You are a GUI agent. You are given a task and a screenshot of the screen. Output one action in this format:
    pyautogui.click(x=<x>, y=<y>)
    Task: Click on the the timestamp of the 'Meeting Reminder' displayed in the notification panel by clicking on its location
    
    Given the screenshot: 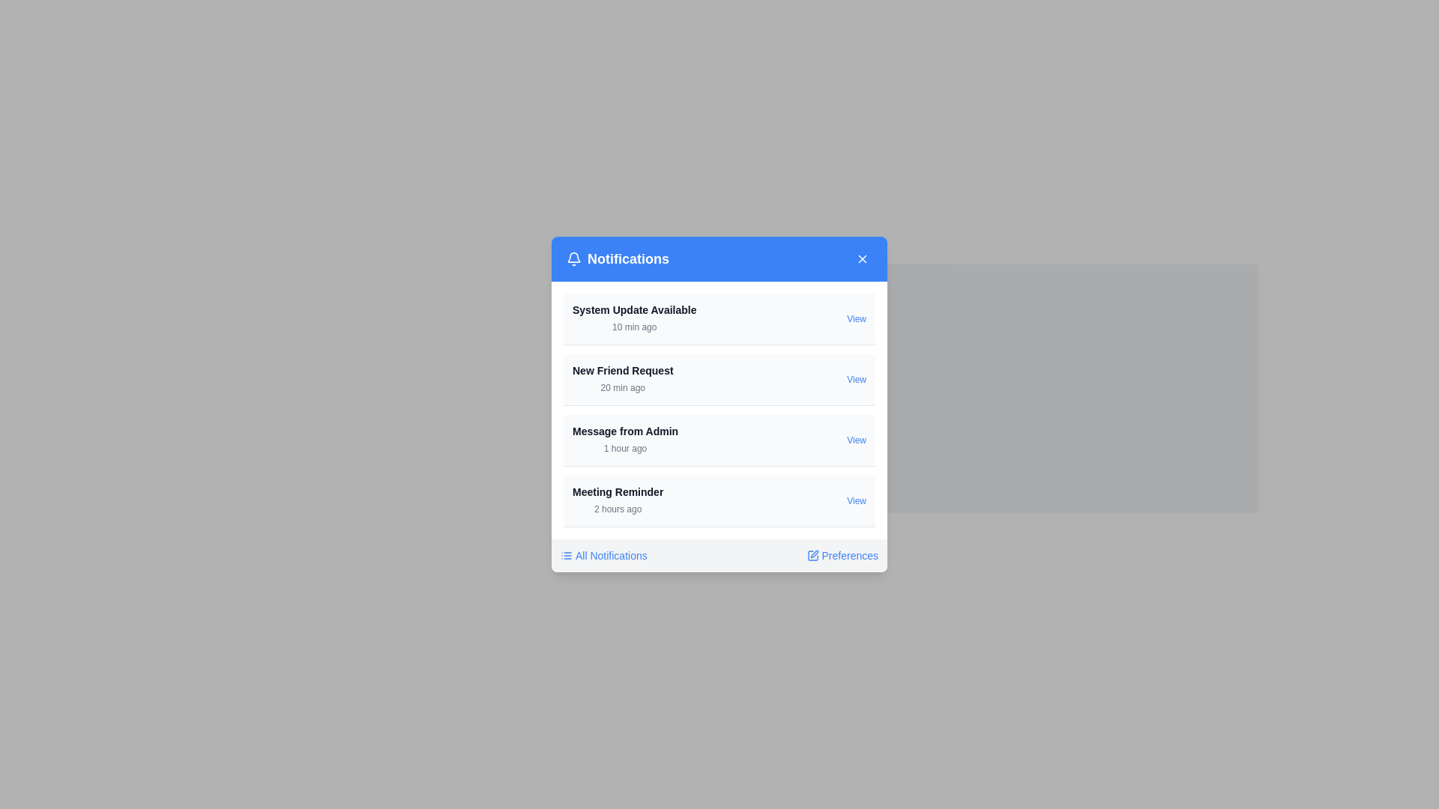 What is the action you would take?
    pyautogui.click(x=618, y=500)
    